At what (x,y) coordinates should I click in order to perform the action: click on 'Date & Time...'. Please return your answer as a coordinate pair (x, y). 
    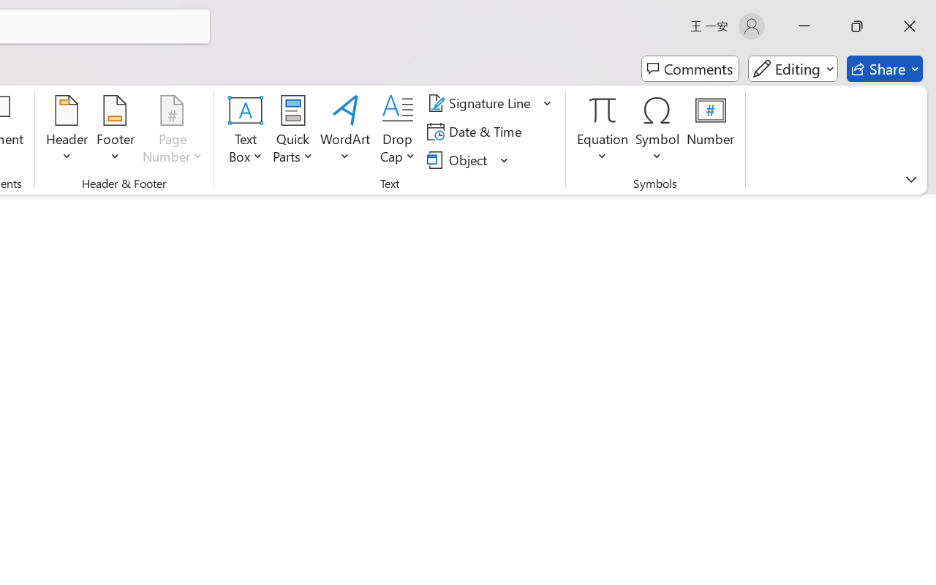
    Looking at the image, I should click on (477, 131).